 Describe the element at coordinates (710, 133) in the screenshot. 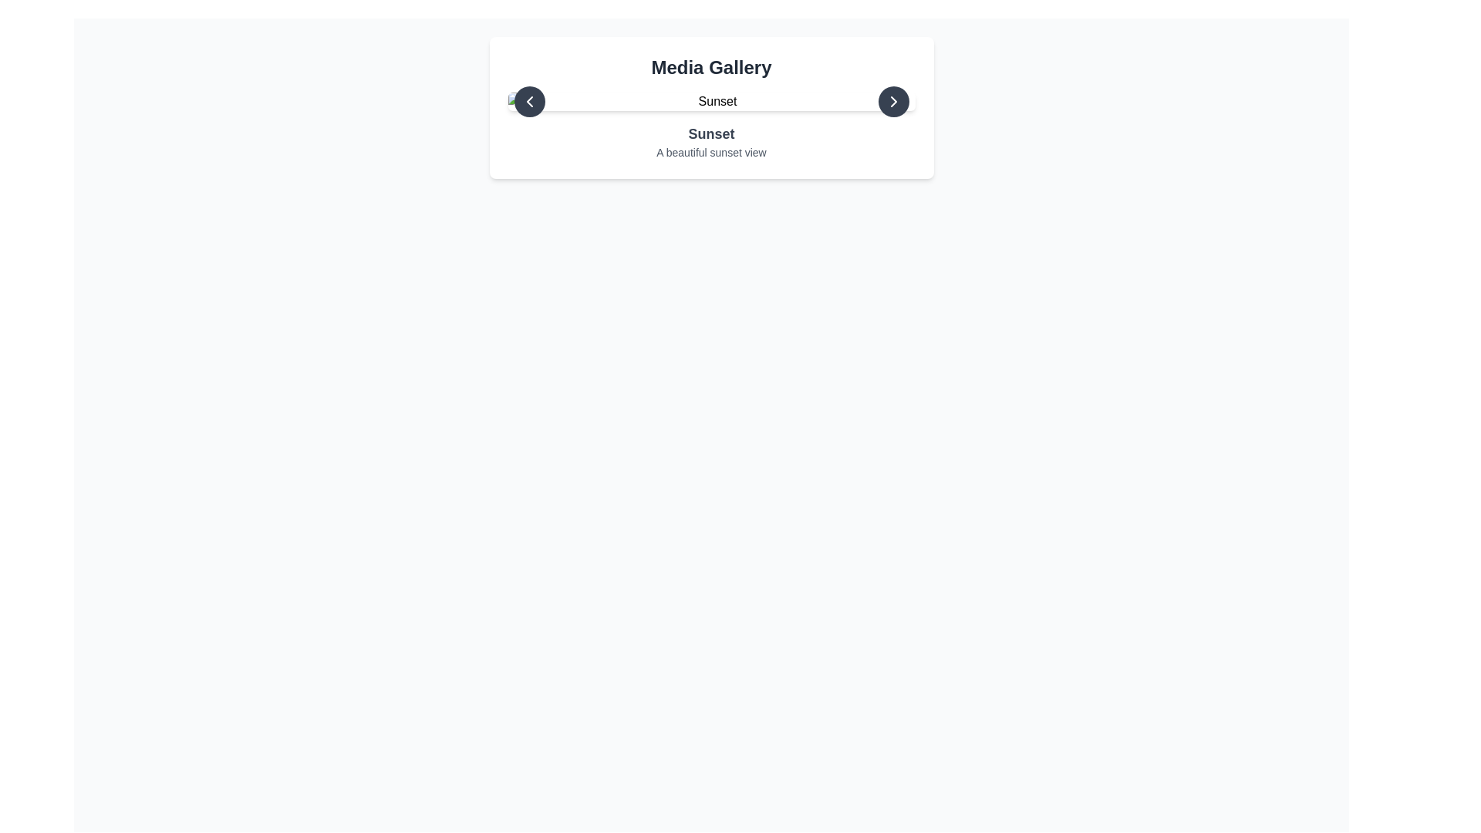

I see `the text label 'Sunset', which is styled in a bold and larger font and centrally located within a white card-like component` at that location.